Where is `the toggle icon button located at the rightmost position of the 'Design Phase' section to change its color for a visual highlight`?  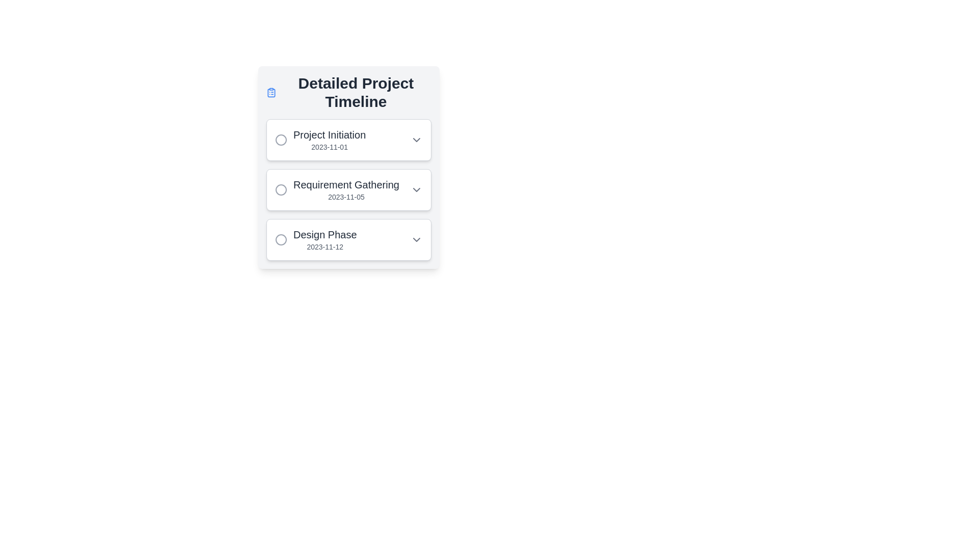 the toggle icon button located at the rightmost position of the 'Design Phase' section to change its color for a visual highlight is located at coordinates (416, 239).